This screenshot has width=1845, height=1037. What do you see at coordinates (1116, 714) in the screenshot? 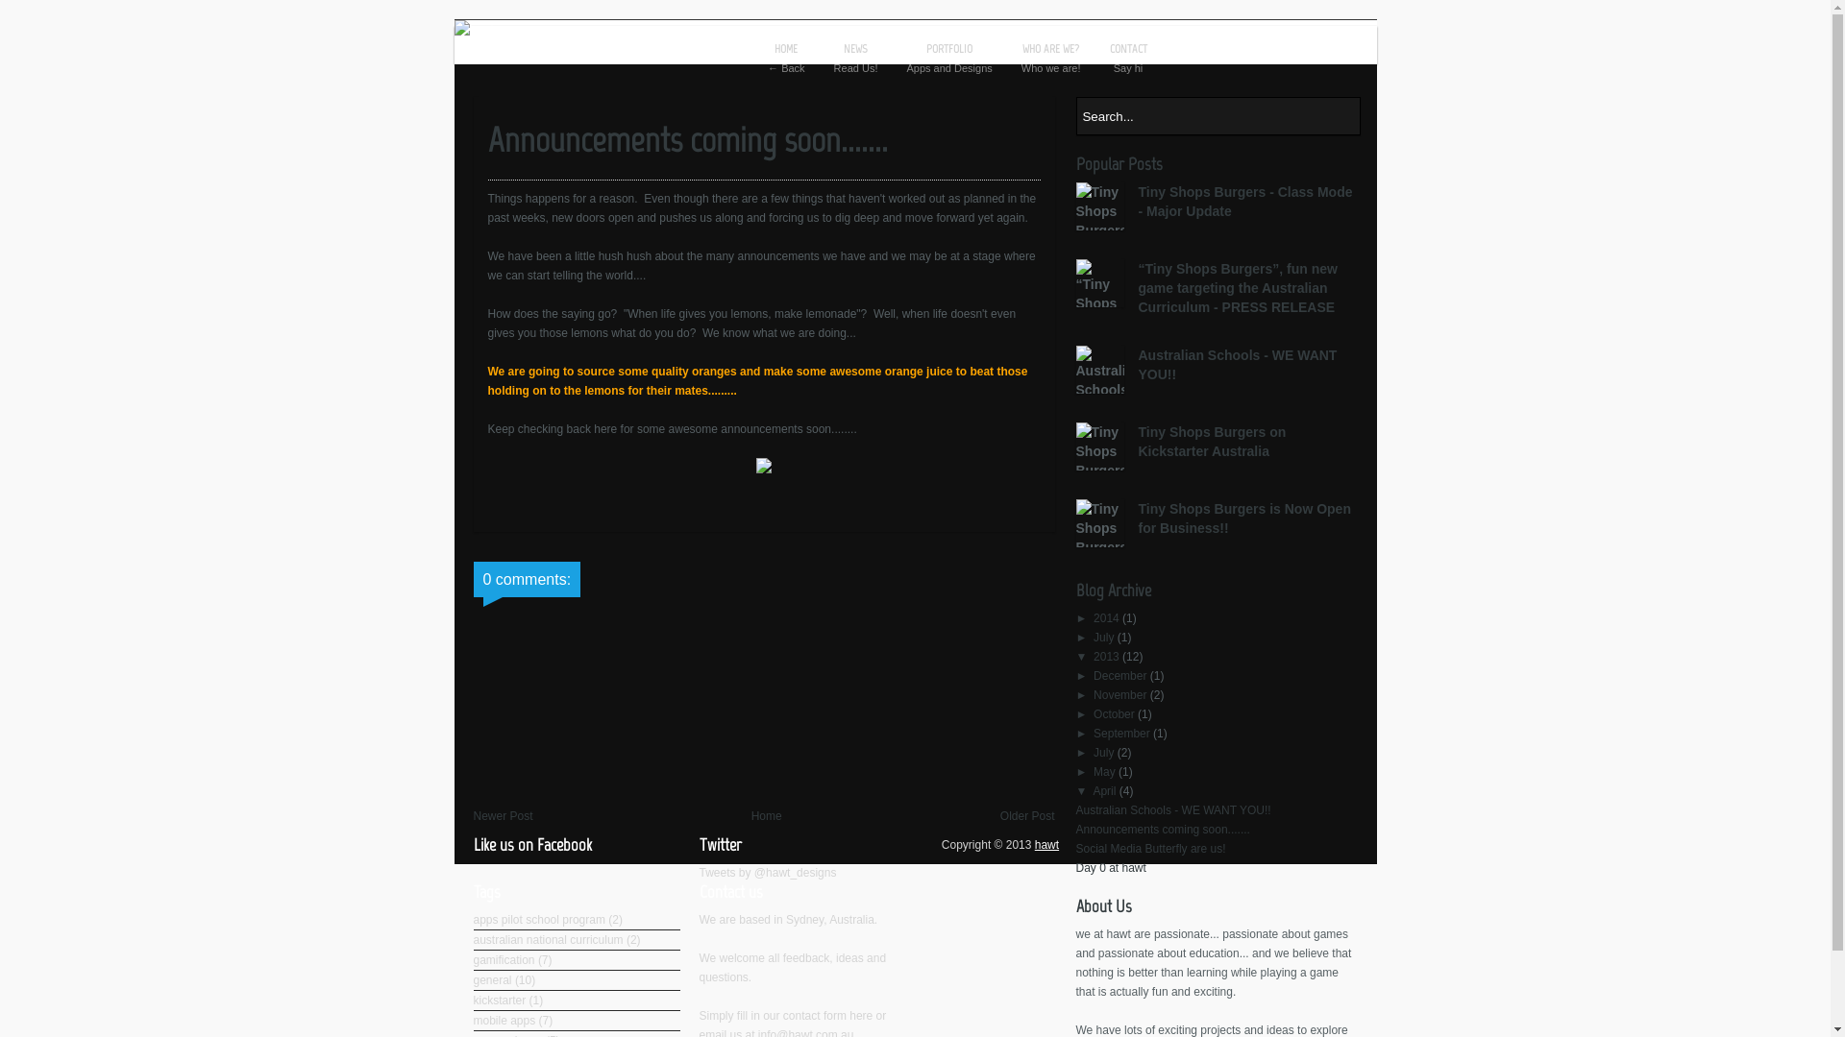
I see `'October'` at bounding box center [1116, 714].